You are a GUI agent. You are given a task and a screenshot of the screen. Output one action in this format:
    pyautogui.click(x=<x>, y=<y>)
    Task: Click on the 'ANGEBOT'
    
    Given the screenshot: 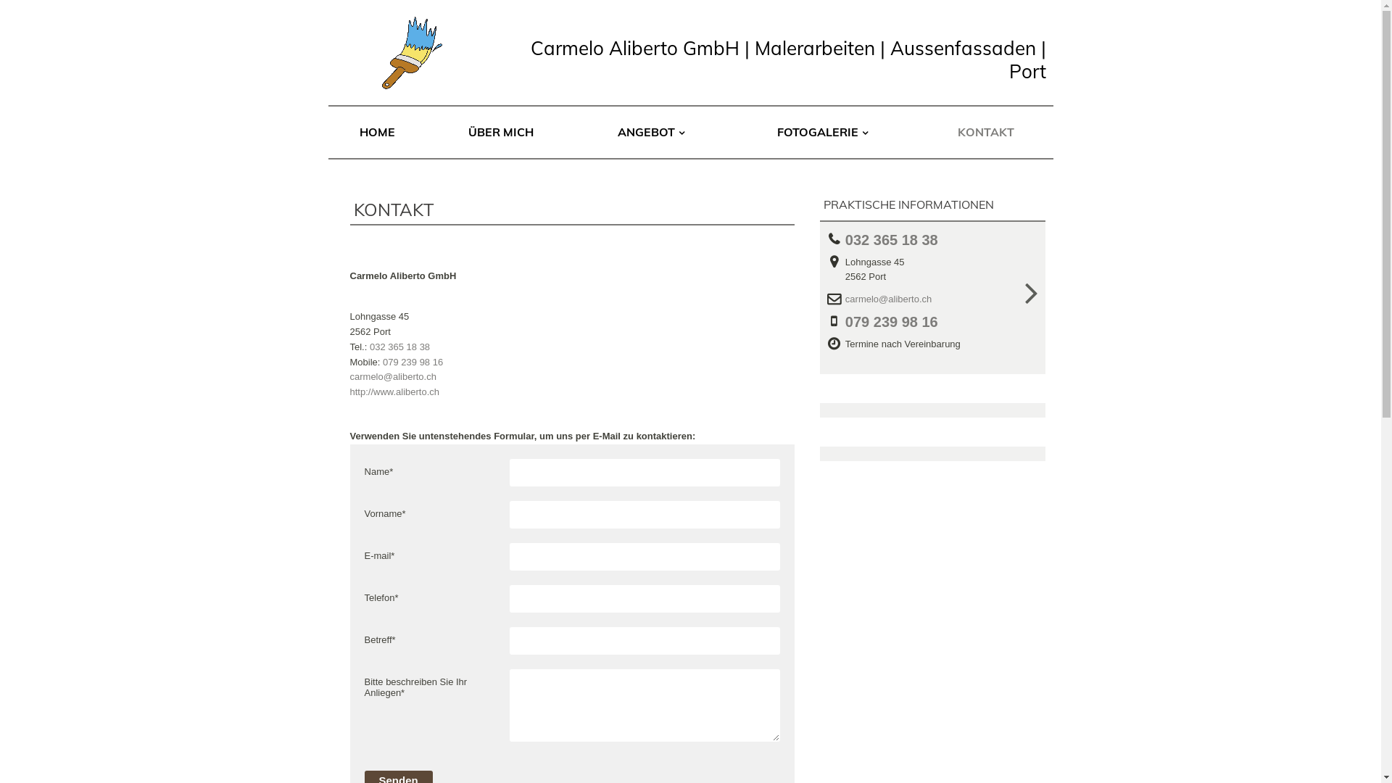 What is the action you would take?
    pyautogui.click(x=650, y=132)
    